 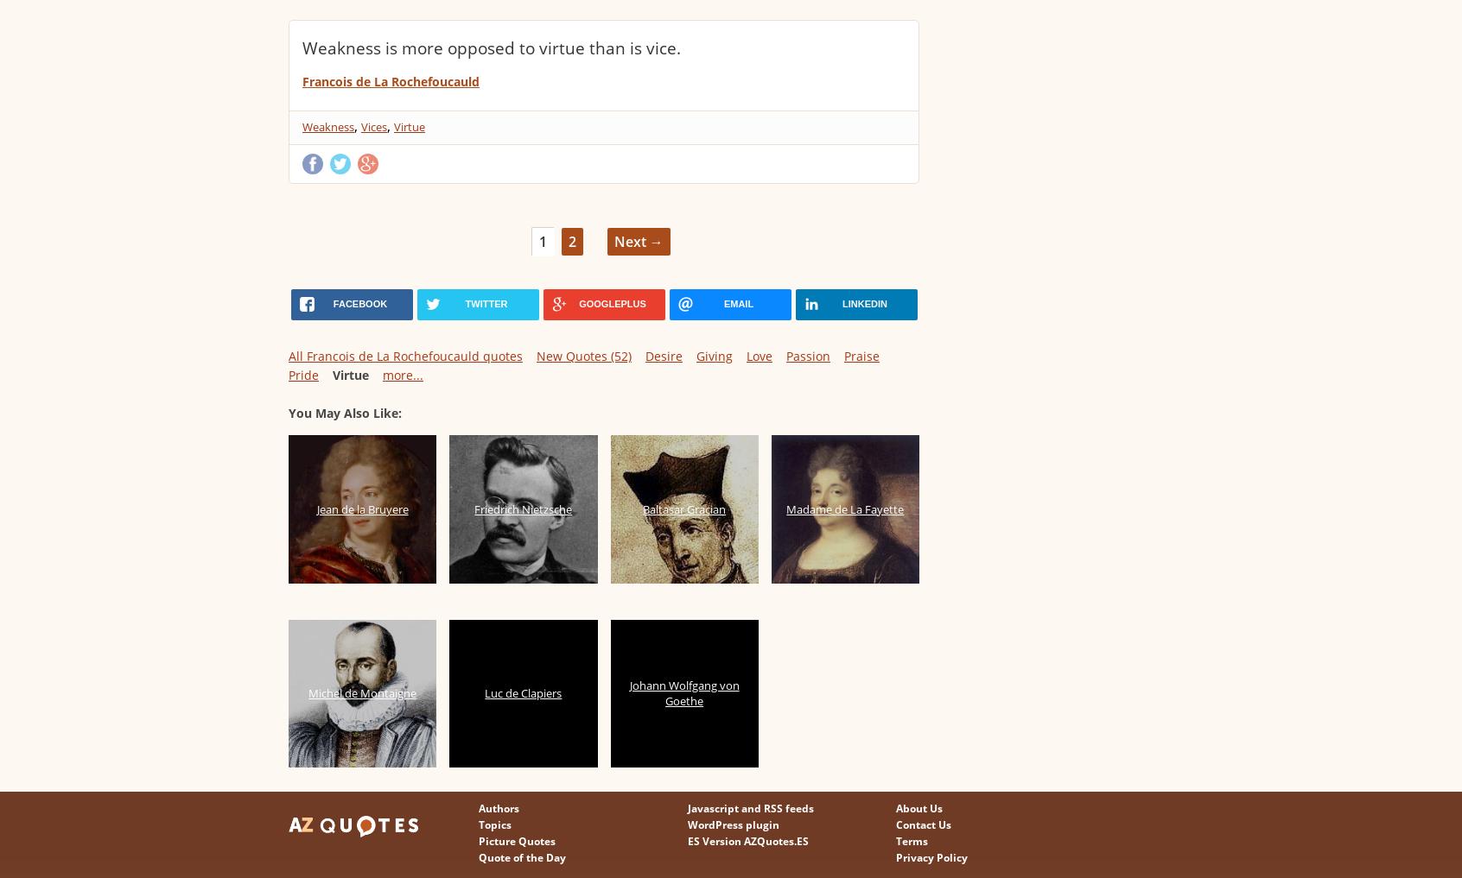 What do you see at coordinates (684, 508) in the screenshot?
I see `'Baltasar Gracian'` at bounding box center [684, 508].